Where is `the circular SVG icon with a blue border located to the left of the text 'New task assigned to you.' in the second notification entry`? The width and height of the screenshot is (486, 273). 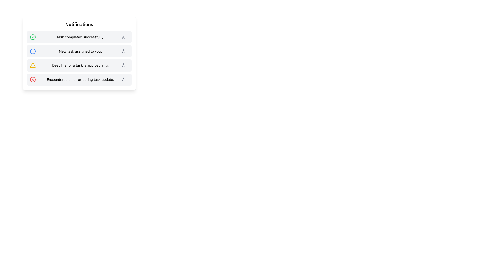 the circular SVG icon with a blue border located to the left of the text 'New task assigned to you.' in the second notification entry is located at coordinates (32, 51).